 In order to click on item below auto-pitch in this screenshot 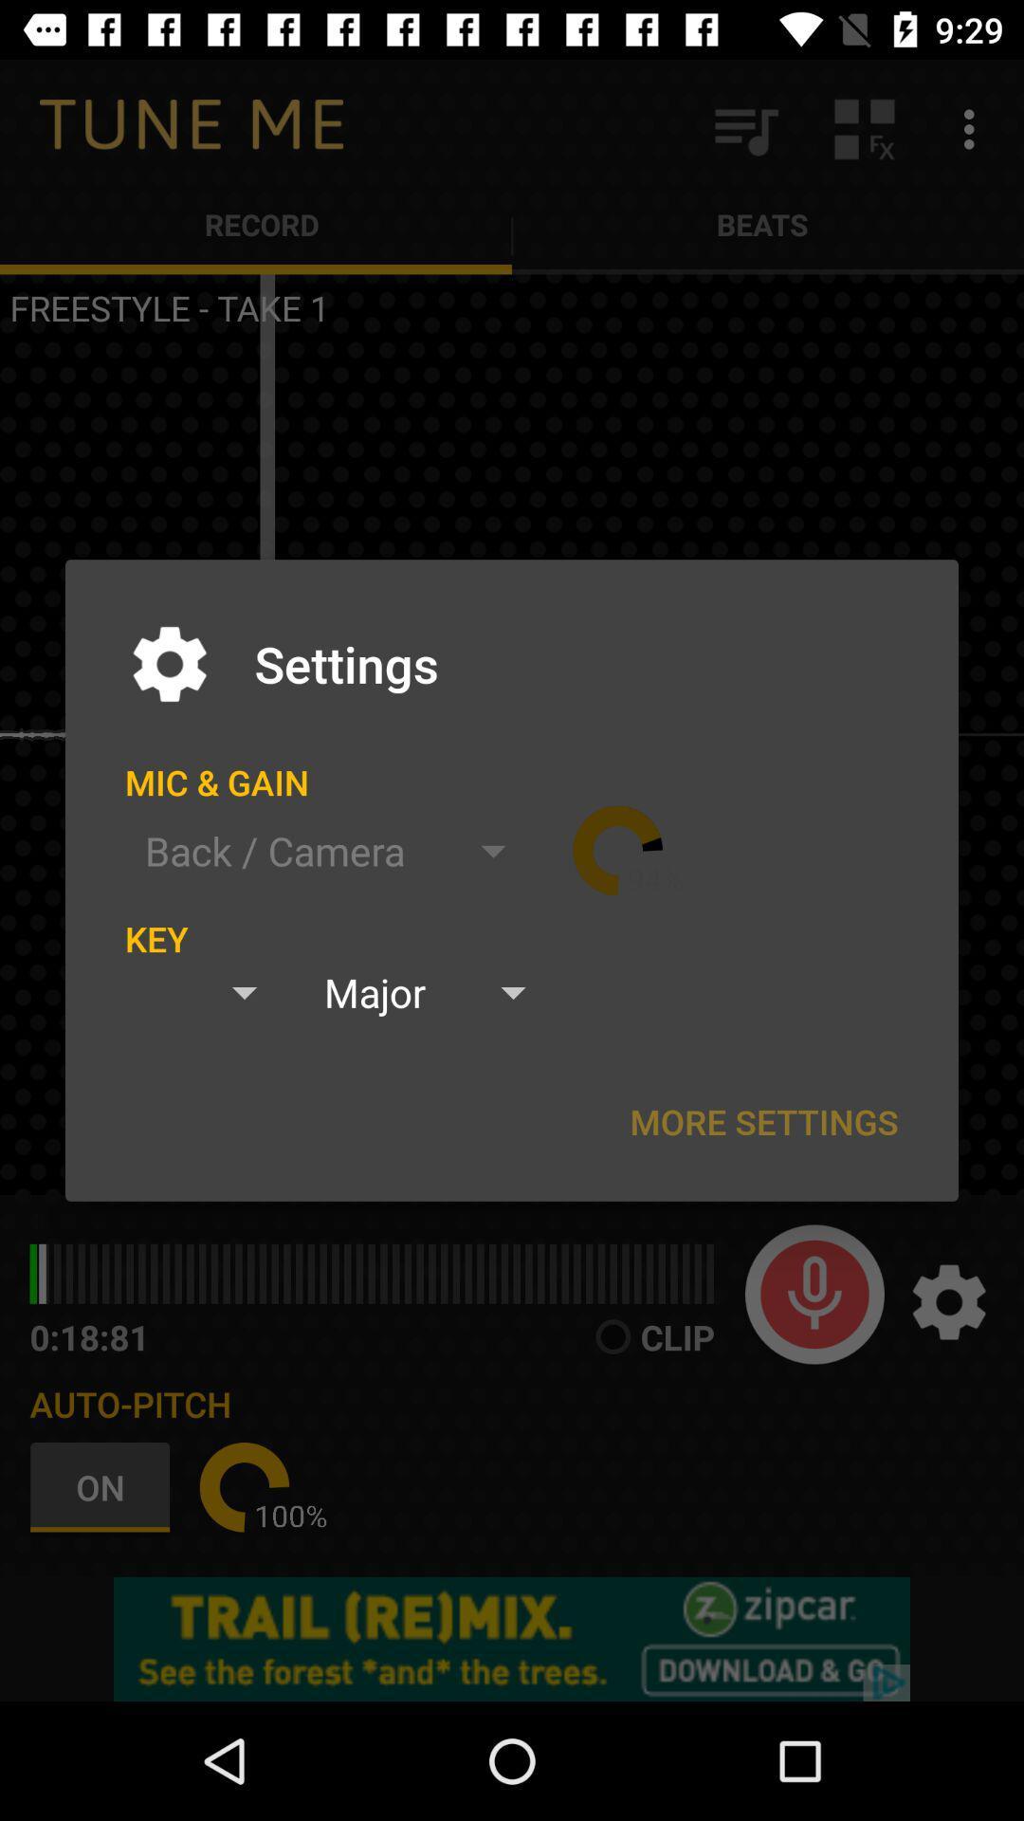, I will do `click(104, 1486)`.